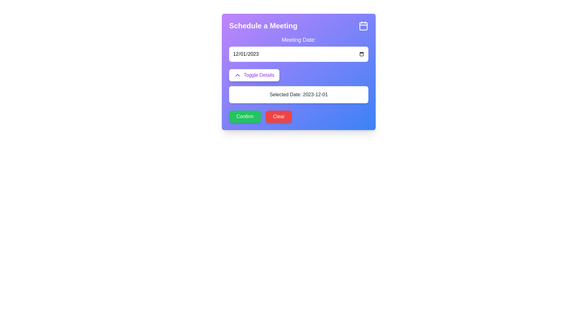 The height and width of the screenshot is (329, 585). Describe the element at coordinates (299, 95) in the screenshot. I see `the static text displaying 'Selected Date: 2023-12-01', which is styled in dark gray and located in the lower portion of the form interface` at that location.